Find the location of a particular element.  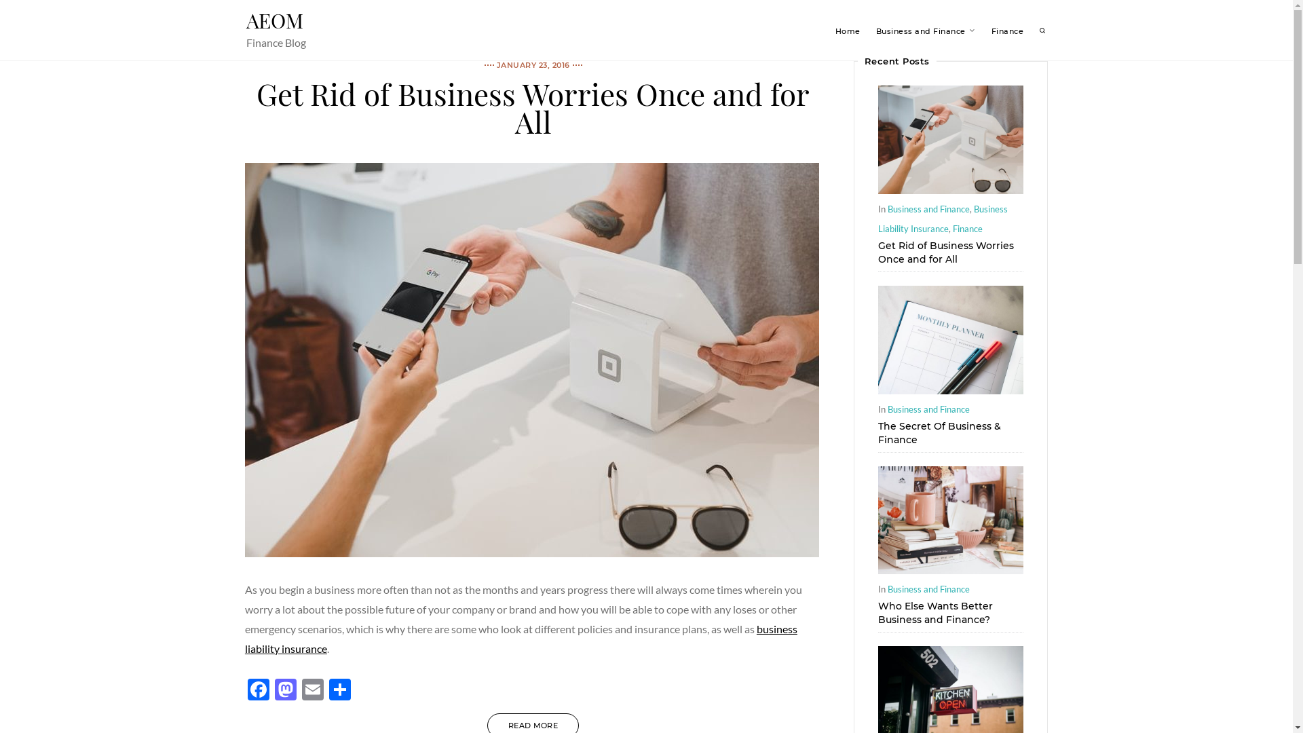

'Facebook' is located at coordinates (258, 691).